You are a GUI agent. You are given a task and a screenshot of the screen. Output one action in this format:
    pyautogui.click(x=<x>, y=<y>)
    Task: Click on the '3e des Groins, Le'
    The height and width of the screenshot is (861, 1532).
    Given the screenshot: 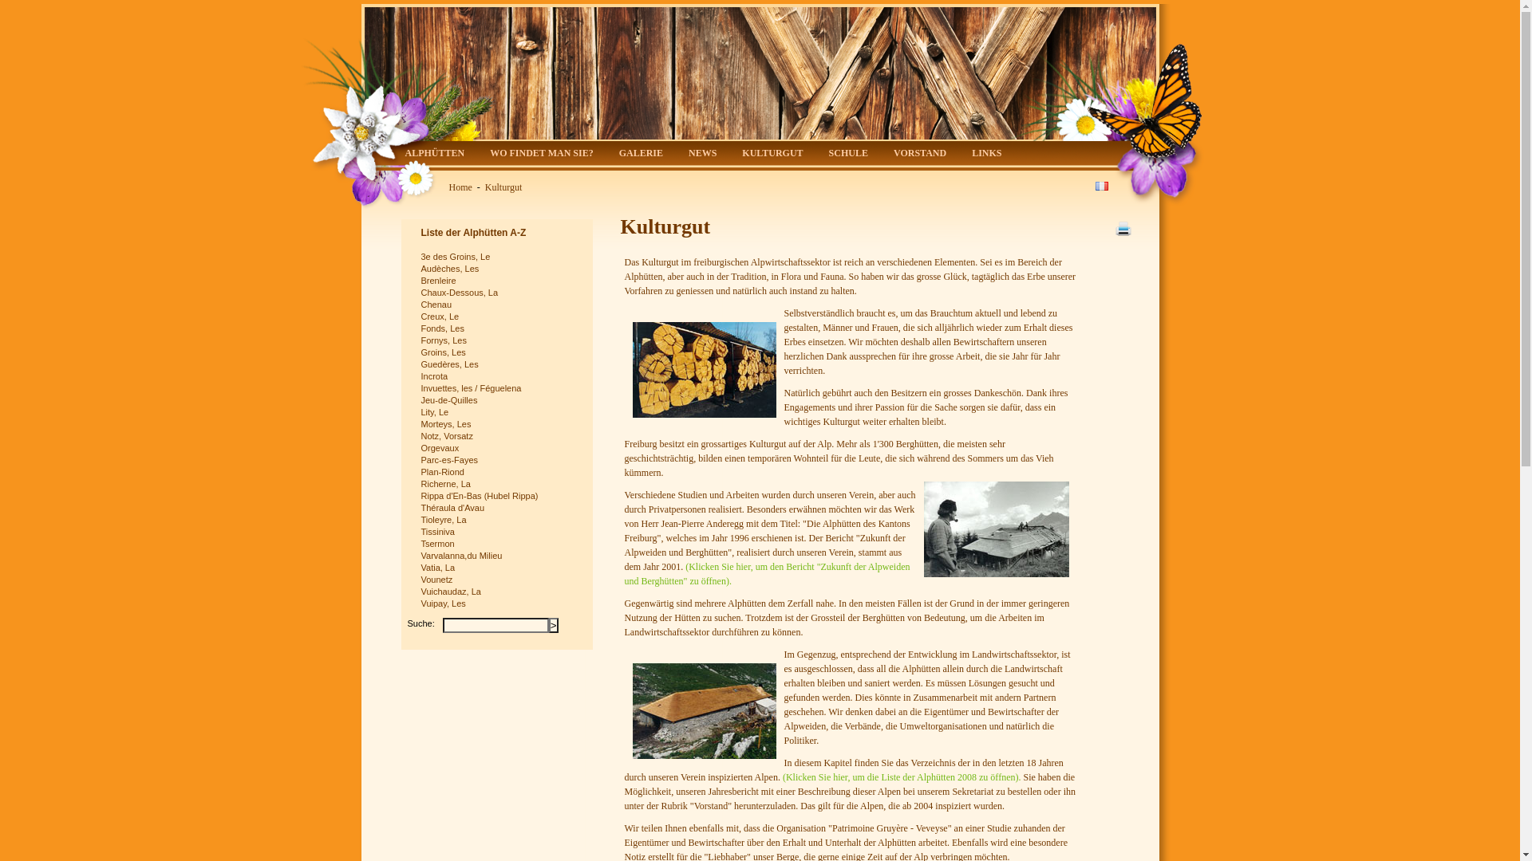 What is the action you would take?
    pyautogui.click(x=421, y=256)
    